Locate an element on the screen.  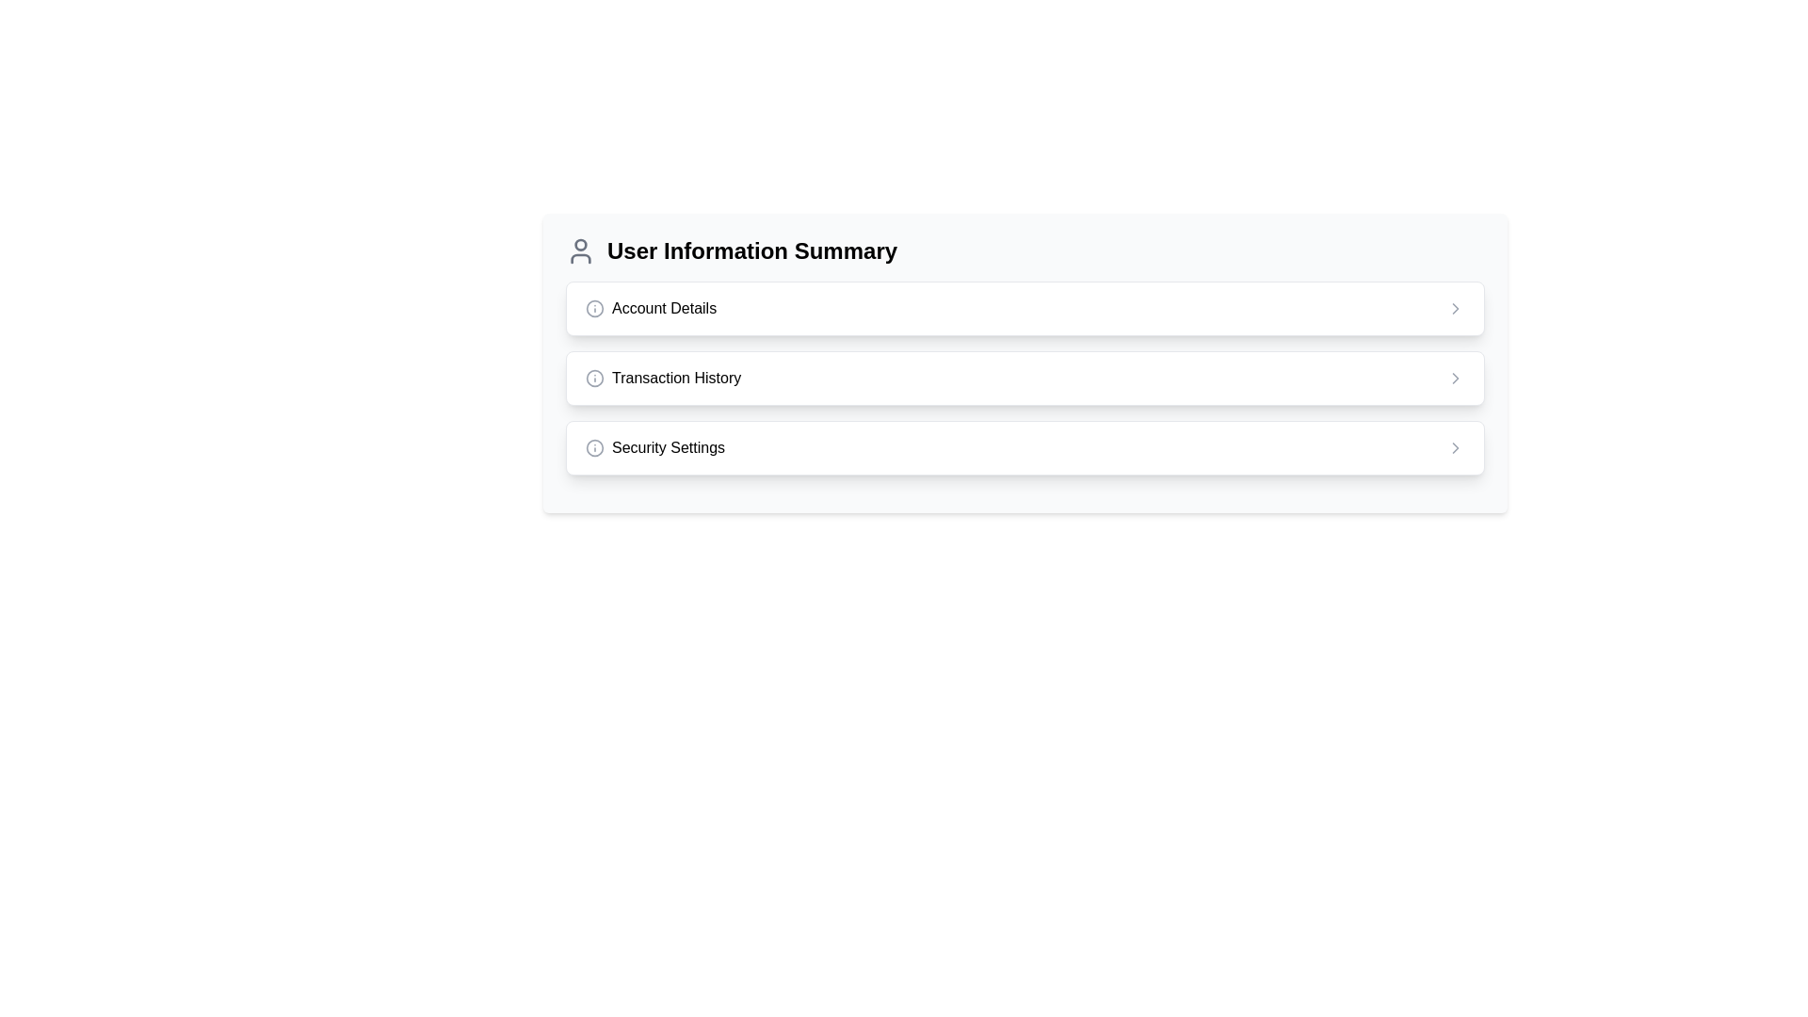
the 'Account Details' clickable list item in the 'User Information Summary' card layout is located at coordinates (1025, 307).